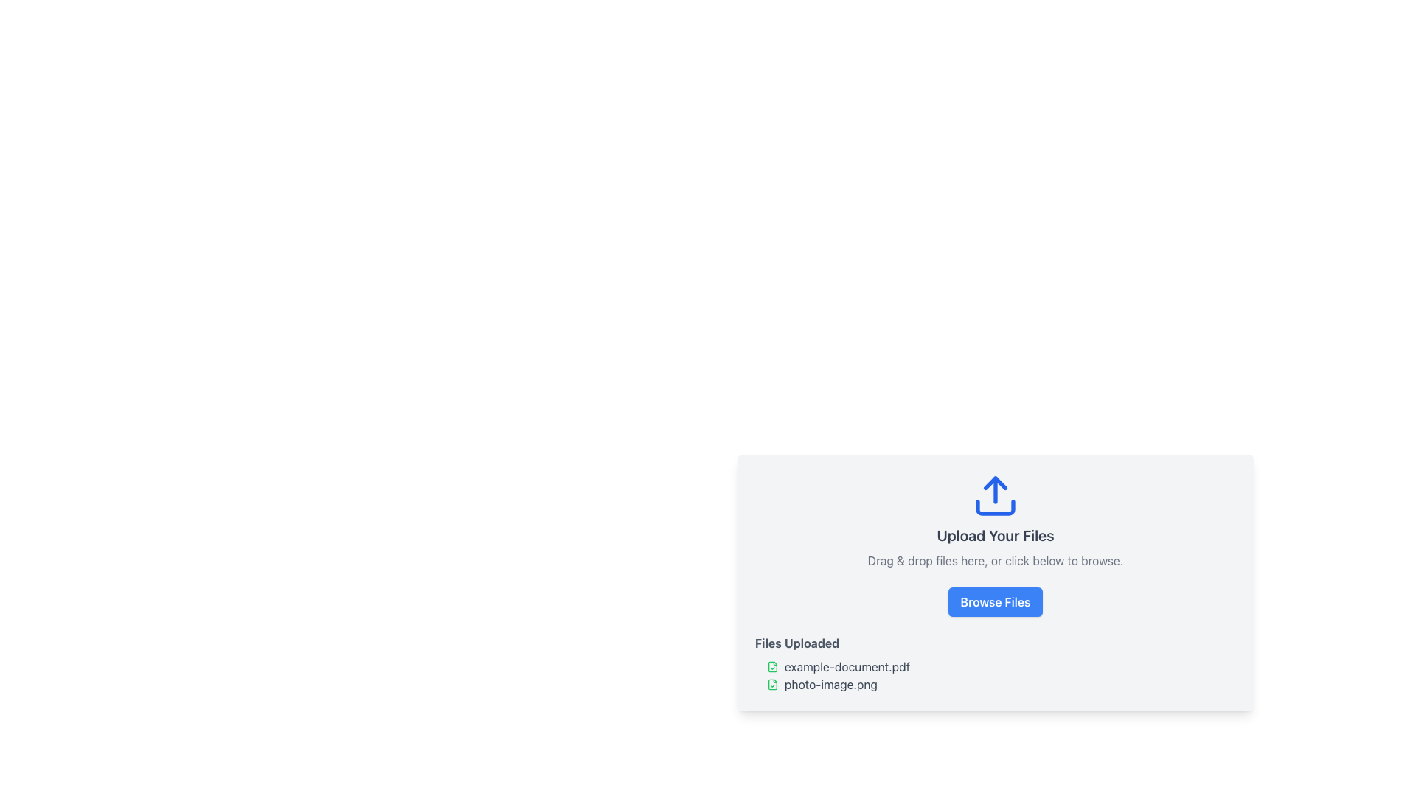 This screenshot has width=1416, height=796. Describe the element at coordinates (995, 495) in the screenshot. I see `the prominent blue icon featuring an upward arrow within a semi-circular base, located at the top center of the 'Upload Your Files' box` at that location.